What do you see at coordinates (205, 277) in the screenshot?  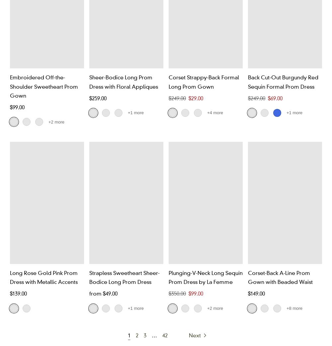 I see `'Plunging-V-Neck Long Sequin Prom Dress by La Femme'` at bounding box center [205, 277].